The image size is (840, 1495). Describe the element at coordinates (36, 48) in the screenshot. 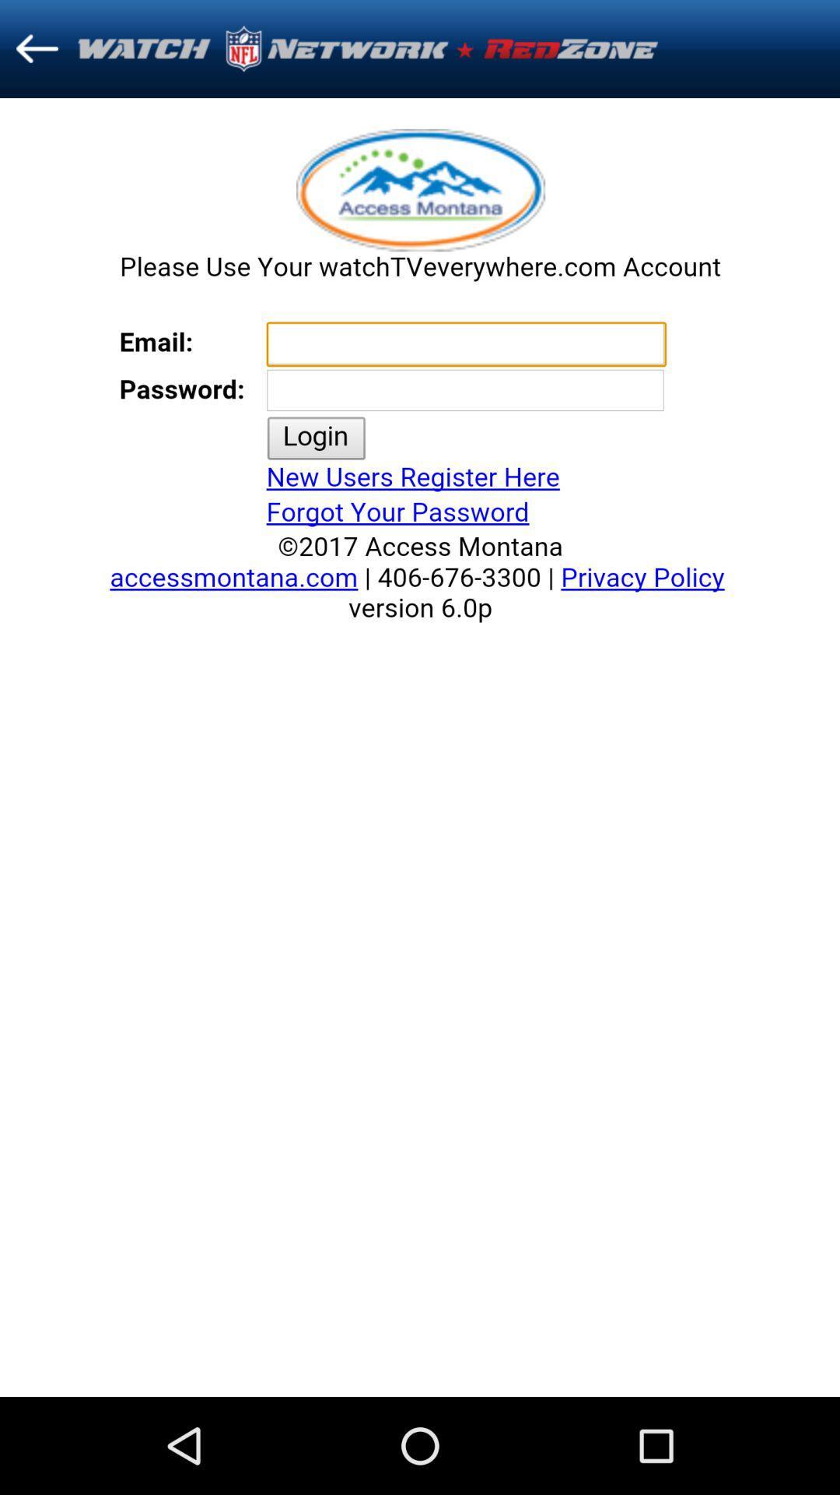

I see `the arrow_backward icon` at that location.